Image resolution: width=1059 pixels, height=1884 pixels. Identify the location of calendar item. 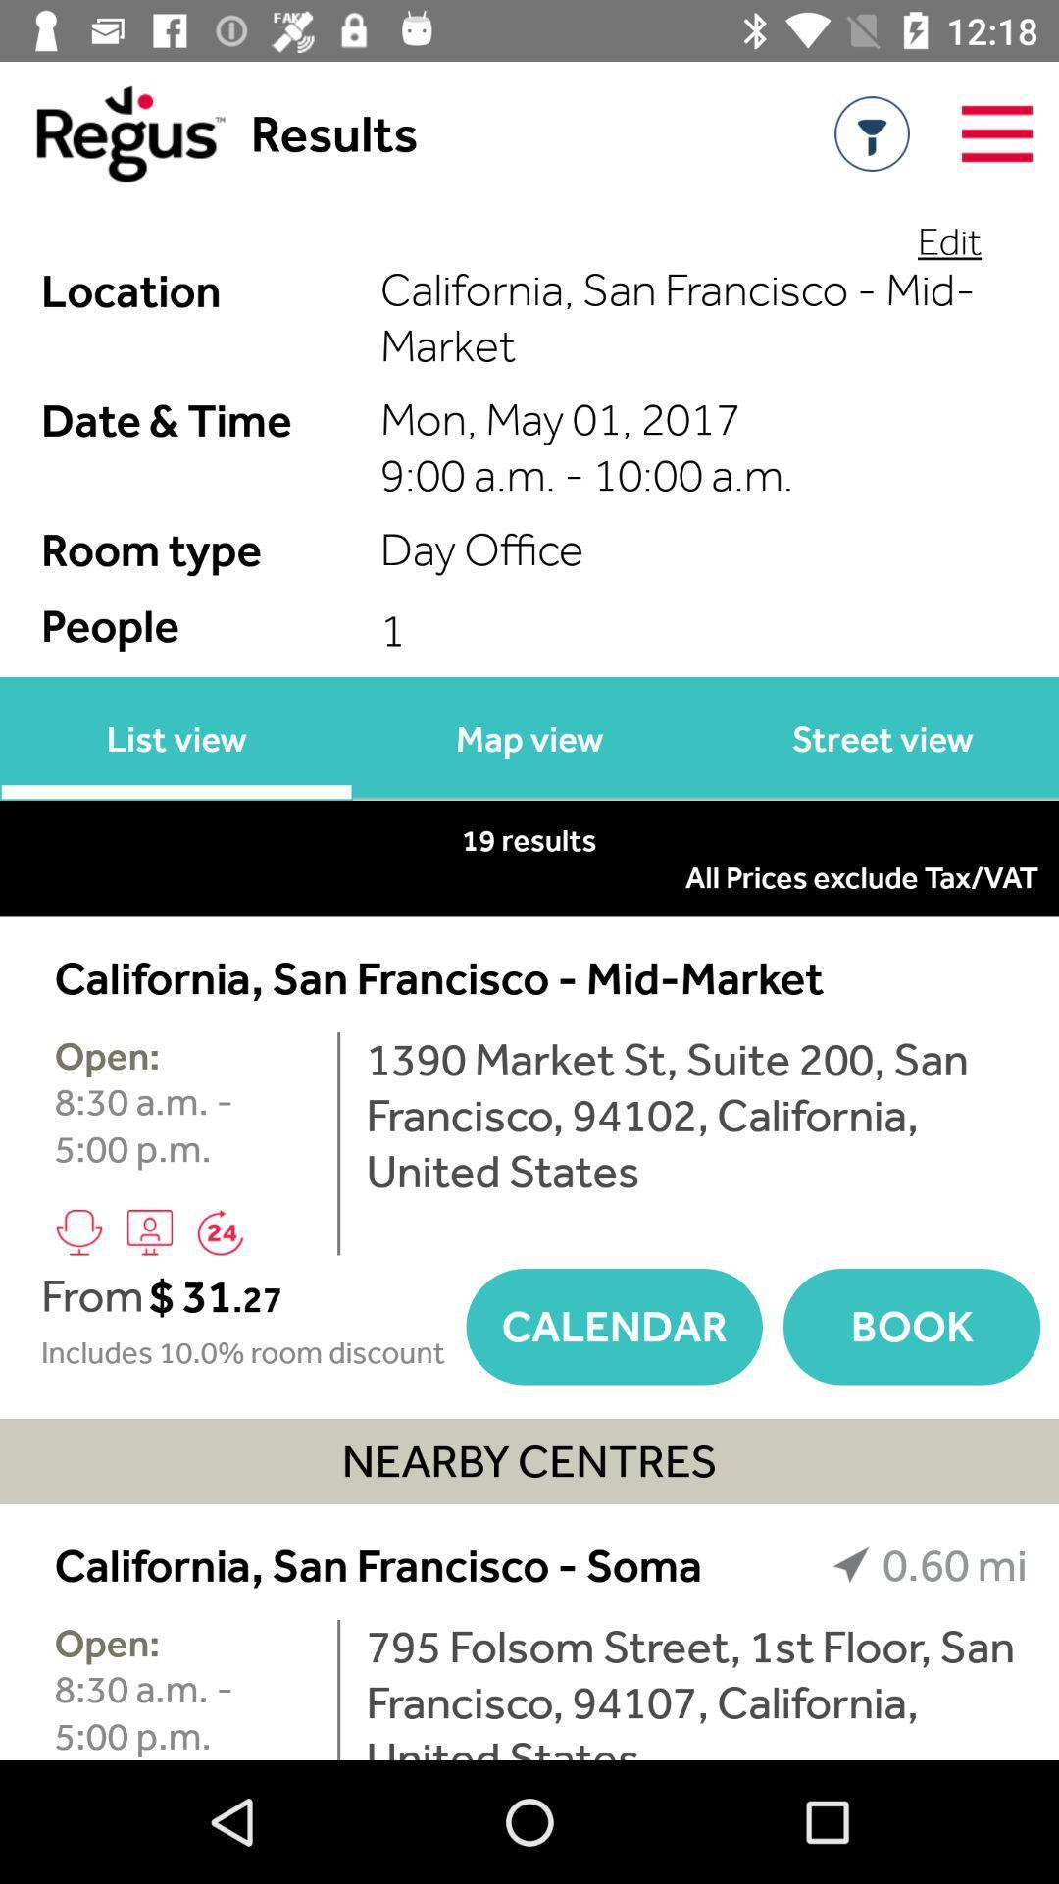
(613, 1327).